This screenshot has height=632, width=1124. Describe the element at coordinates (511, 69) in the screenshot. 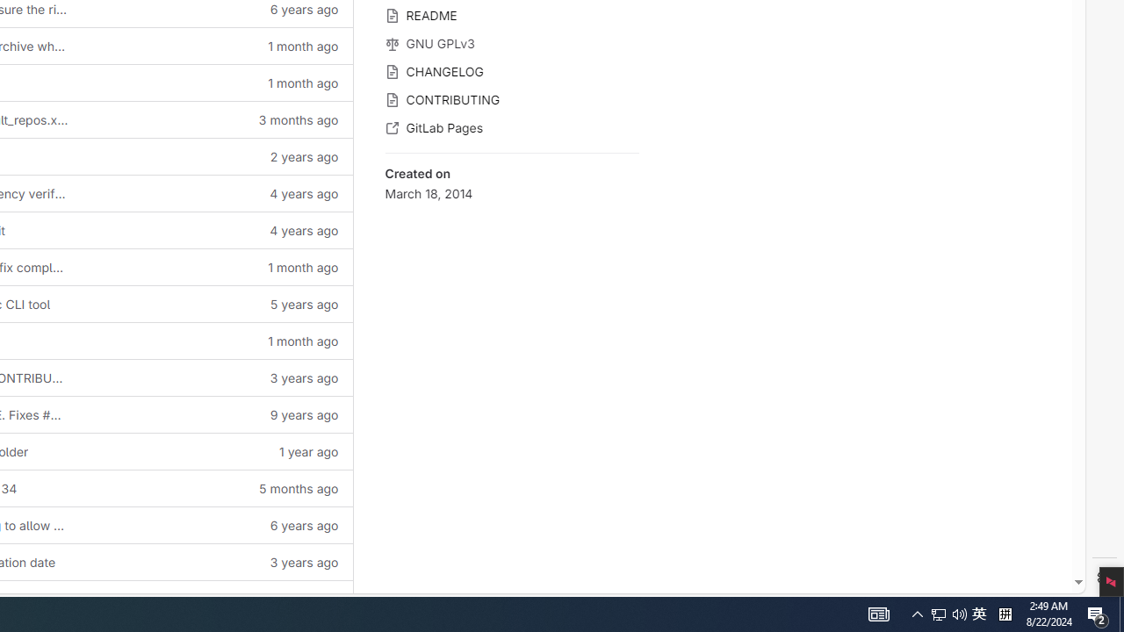

I see `'CHANGELOG'` at that location.